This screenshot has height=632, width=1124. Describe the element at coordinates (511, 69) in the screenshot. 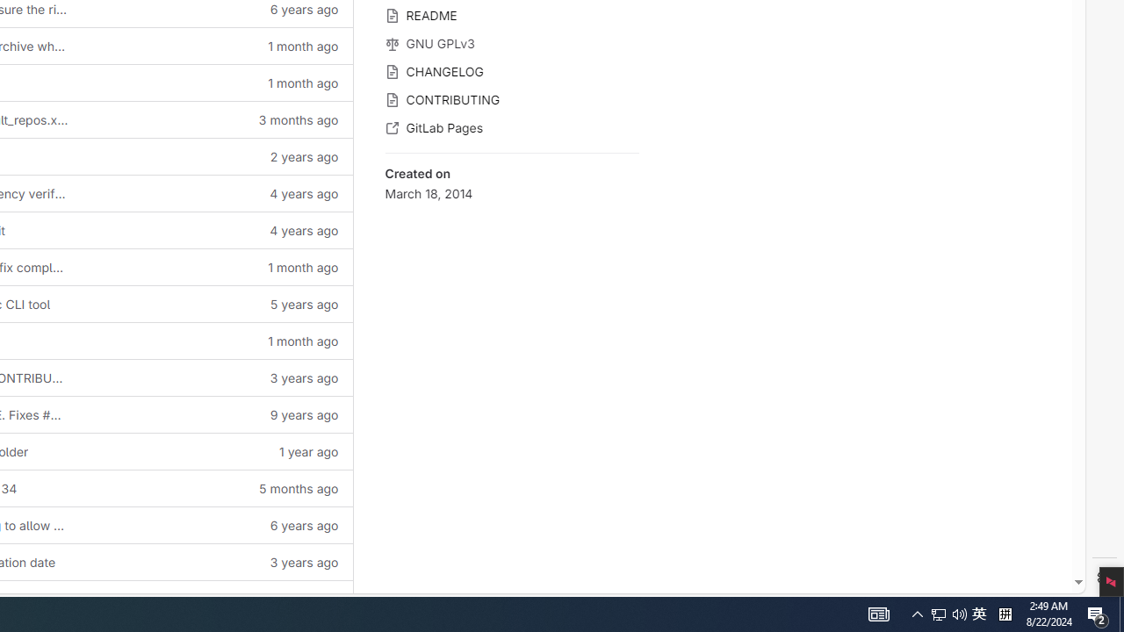

I see `'CHANGELOG'` at that location.